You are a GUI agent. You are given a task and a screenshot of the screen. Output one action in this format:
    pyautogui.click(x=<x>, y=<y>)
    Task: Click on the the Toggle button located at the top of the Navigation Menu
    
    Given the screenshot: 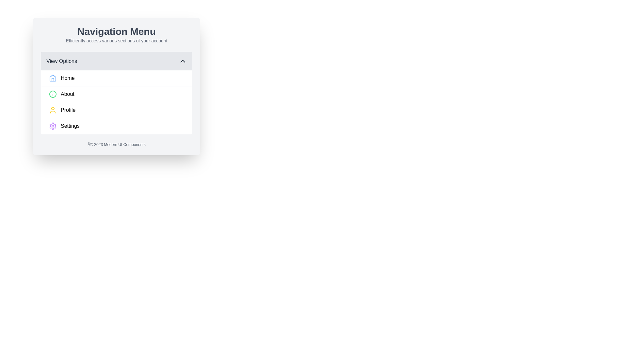 What is the action you would take?
    pyautogui.click(x=116, y=61)
    